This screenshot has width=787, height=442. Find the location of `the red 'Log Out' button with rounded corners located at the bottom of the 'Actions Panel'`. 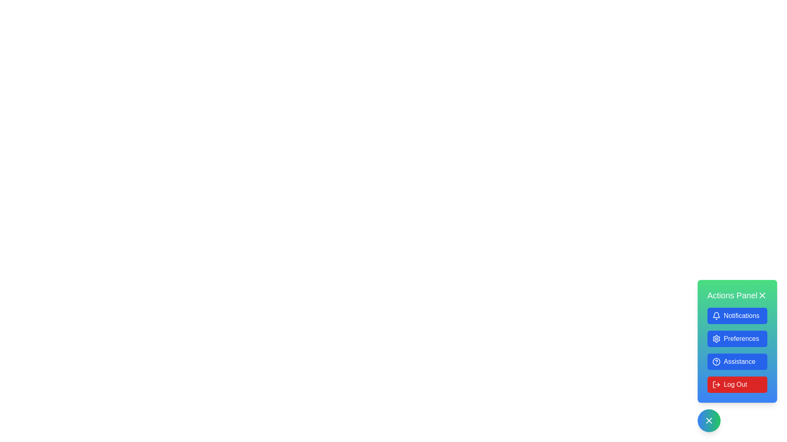

the red 'Log Out' button with rounded corners located at the bottom of the 'Actions Panel' is located at coordinates (737, 385).